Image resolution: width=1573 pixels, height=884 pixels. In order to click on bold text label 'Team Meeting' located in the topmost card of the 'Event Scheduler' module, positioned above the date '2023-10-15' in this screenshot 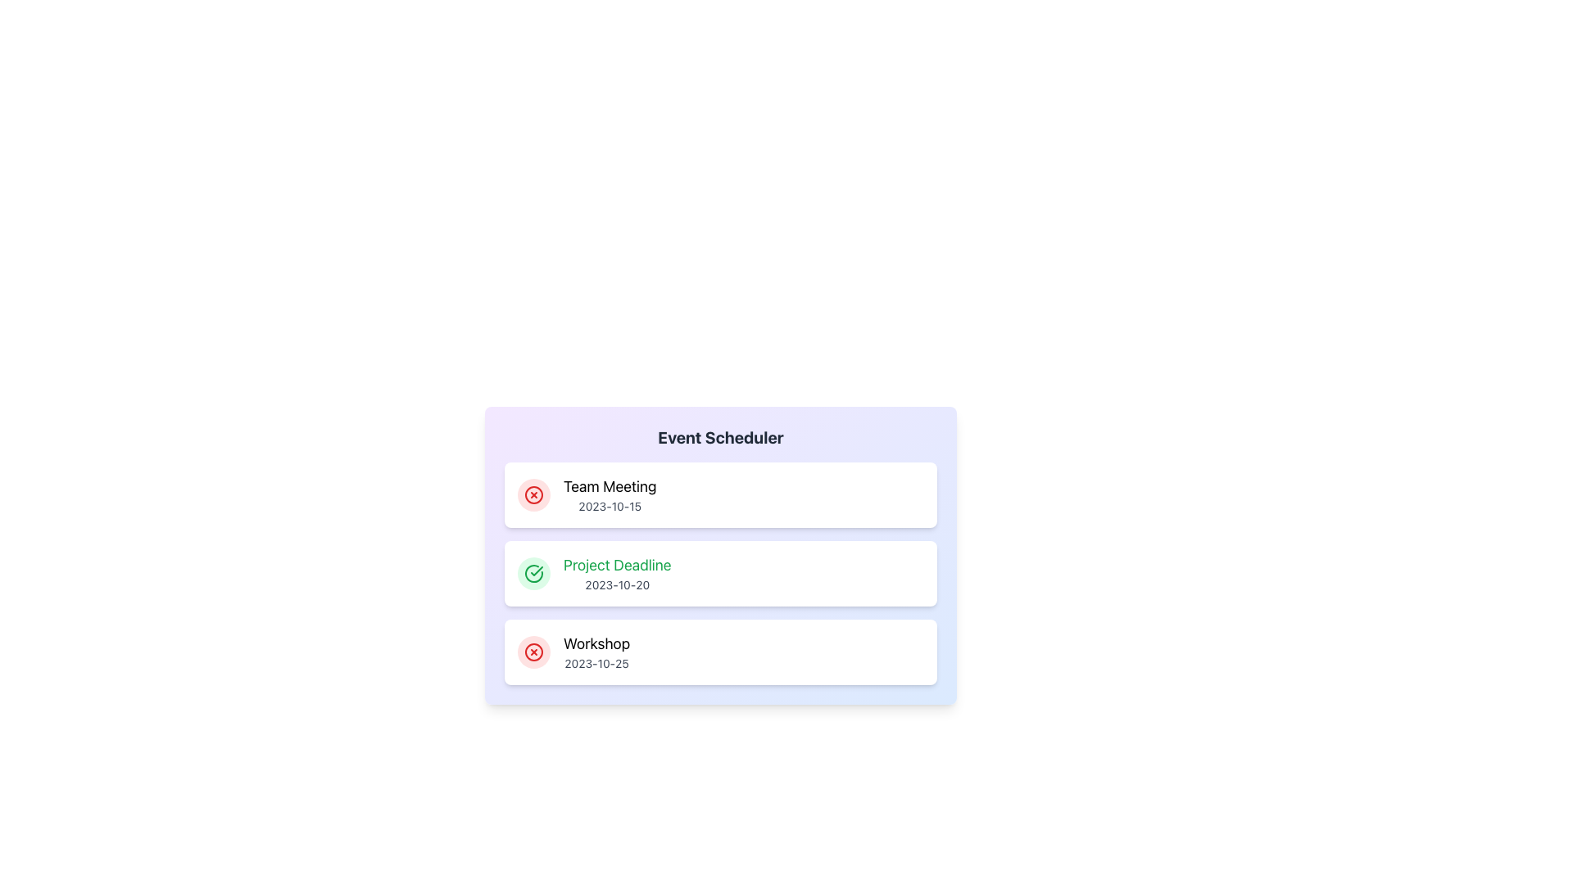, I will do `click(609, 485)`.